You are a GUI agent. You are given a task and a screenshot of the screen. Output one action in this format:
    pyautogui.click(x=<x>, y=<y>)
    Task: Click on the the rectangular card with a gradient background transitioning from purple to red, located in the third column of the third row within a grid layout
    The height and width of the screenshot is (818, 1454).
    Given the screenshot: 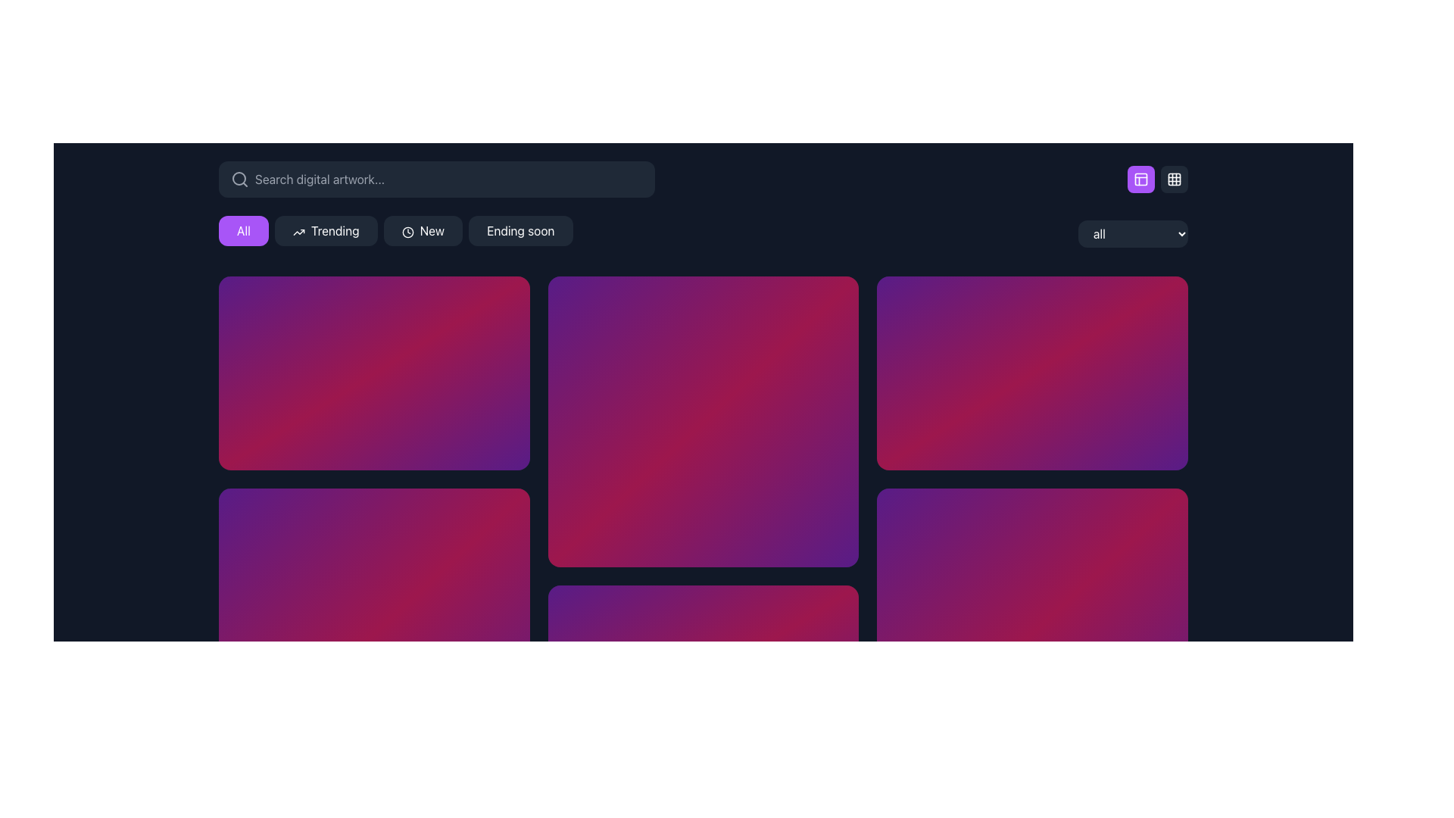 What is the action you would take?
    pyautogui.click(x=1031, y=634)
    